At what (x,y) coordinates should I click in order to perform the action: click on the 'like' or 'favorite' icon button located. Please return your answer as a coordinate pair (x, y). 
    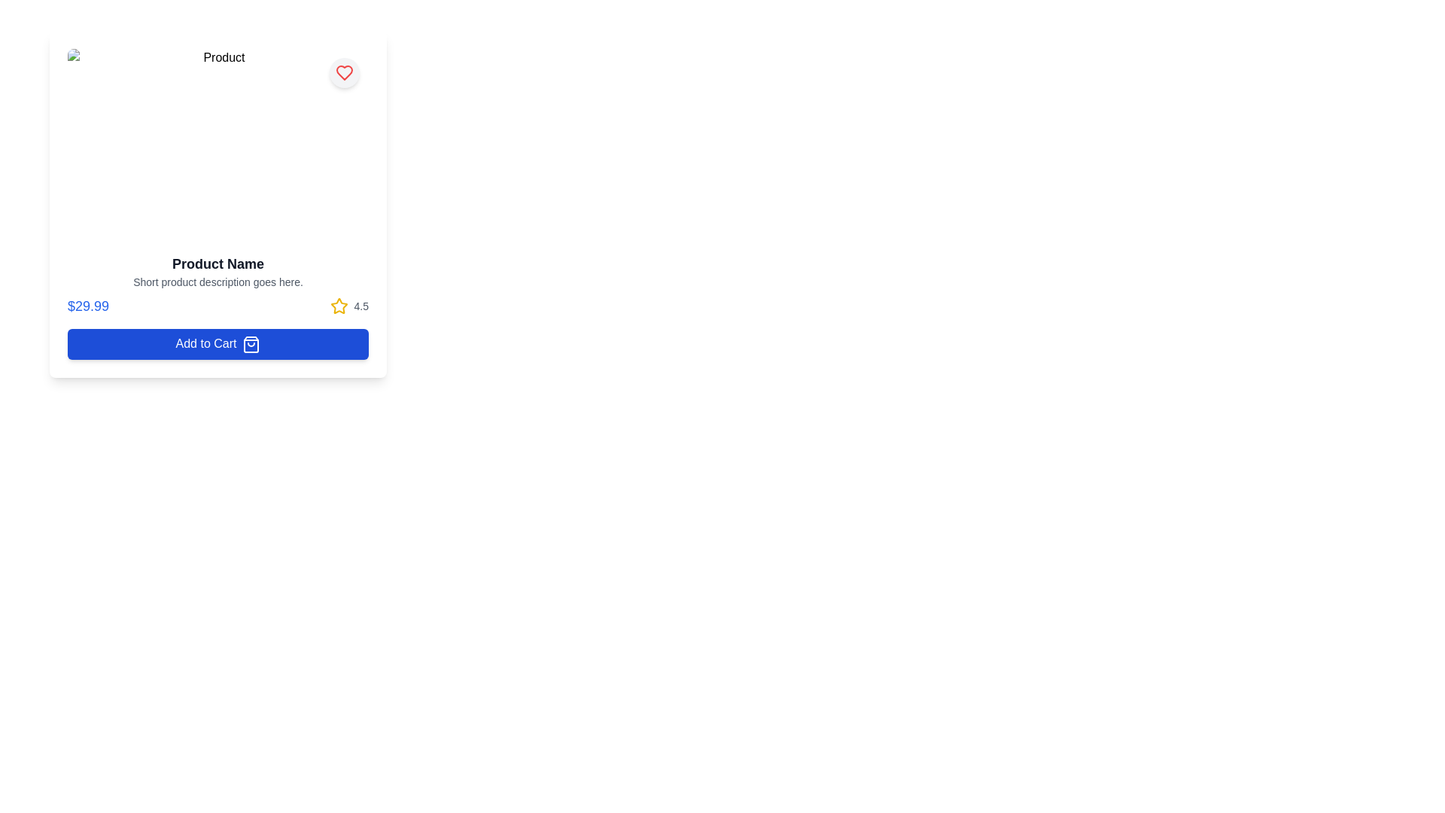
    Looking at the image, I should click on (343, 72).